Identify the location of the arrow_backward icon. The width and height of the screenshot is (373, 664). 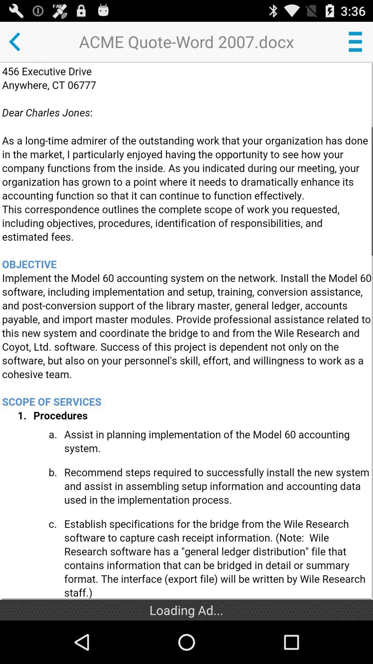
(19, 44).